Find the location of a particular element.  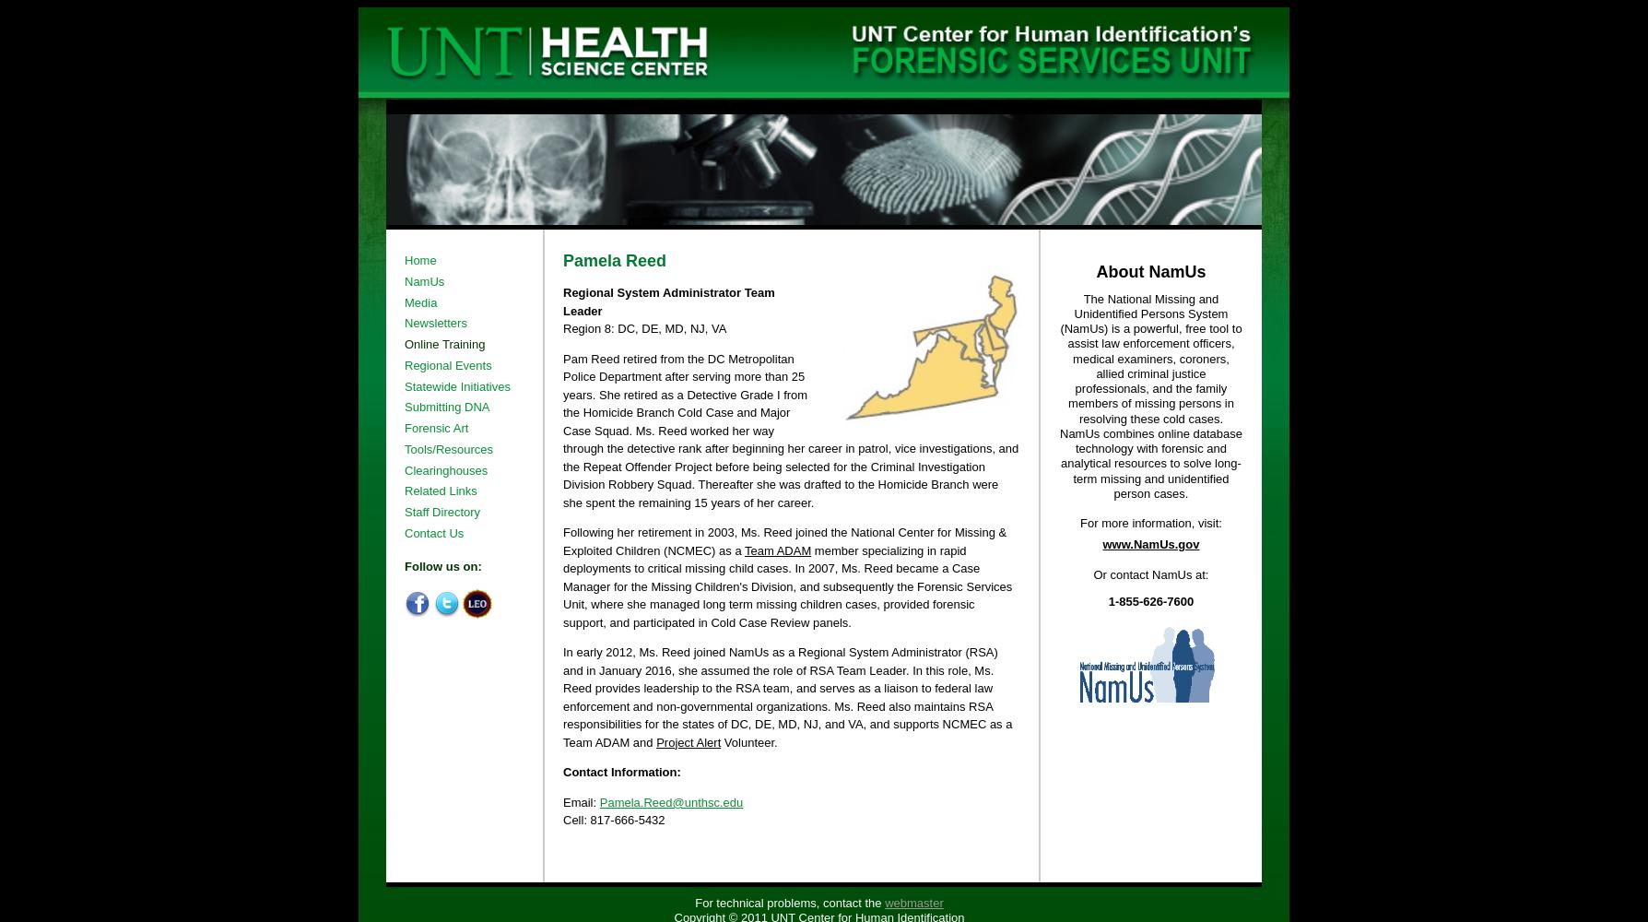

'Pamela Reed' is located at coordinates (614, 260).